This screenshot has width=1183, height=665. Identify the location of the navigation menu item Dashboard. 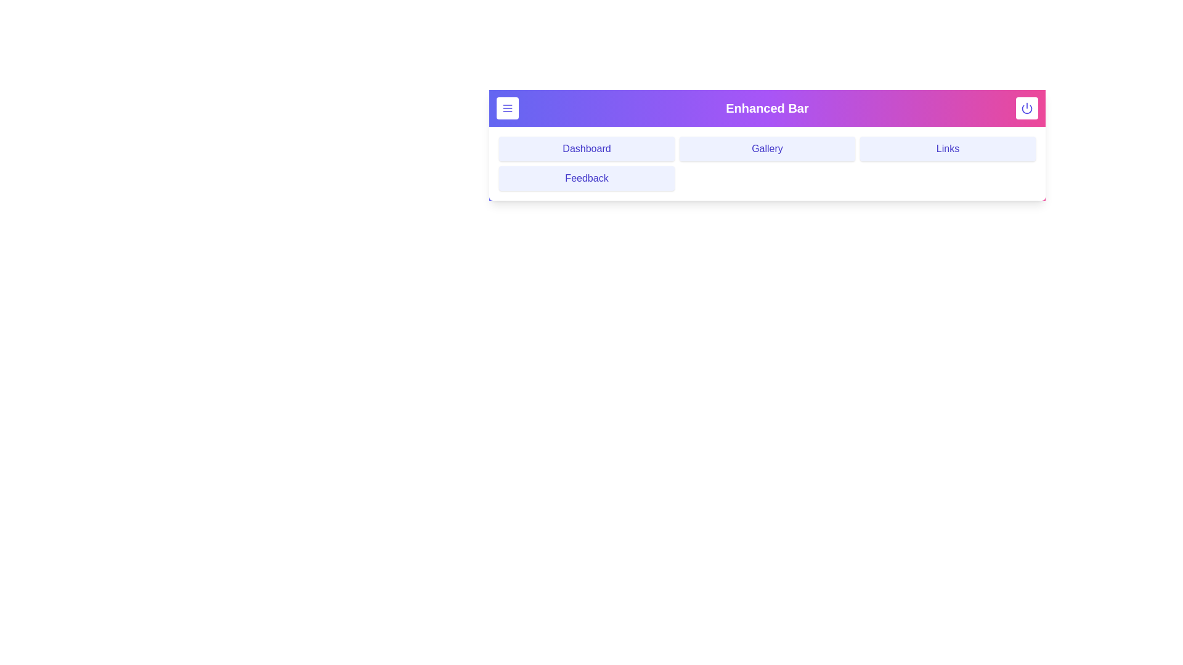
(586, 148).